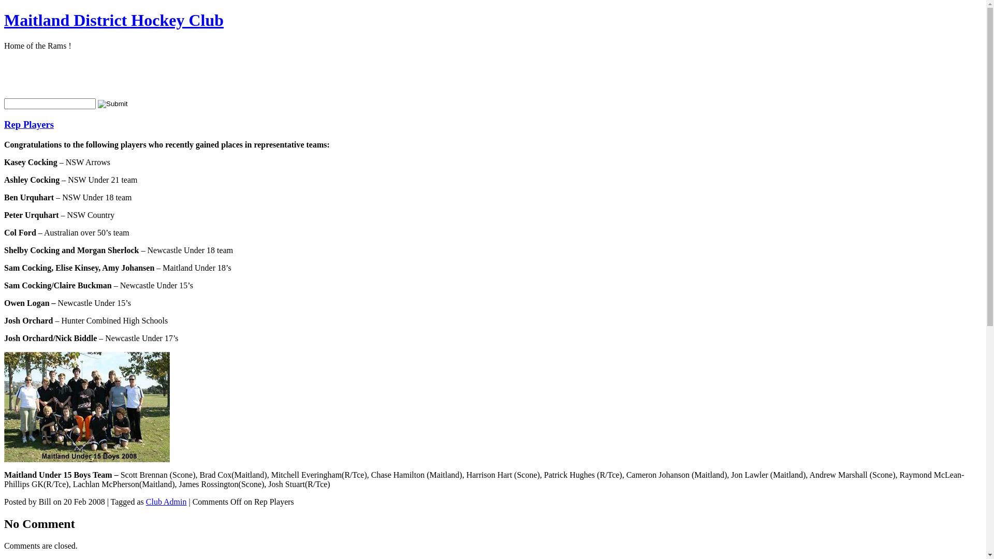 The width and height of the screenshot is (994, 559). What do you see at coordinates (114, 20) in the screenshot?
I see `'Maitland District Hockey Club'` at bounding box center [114, 20].